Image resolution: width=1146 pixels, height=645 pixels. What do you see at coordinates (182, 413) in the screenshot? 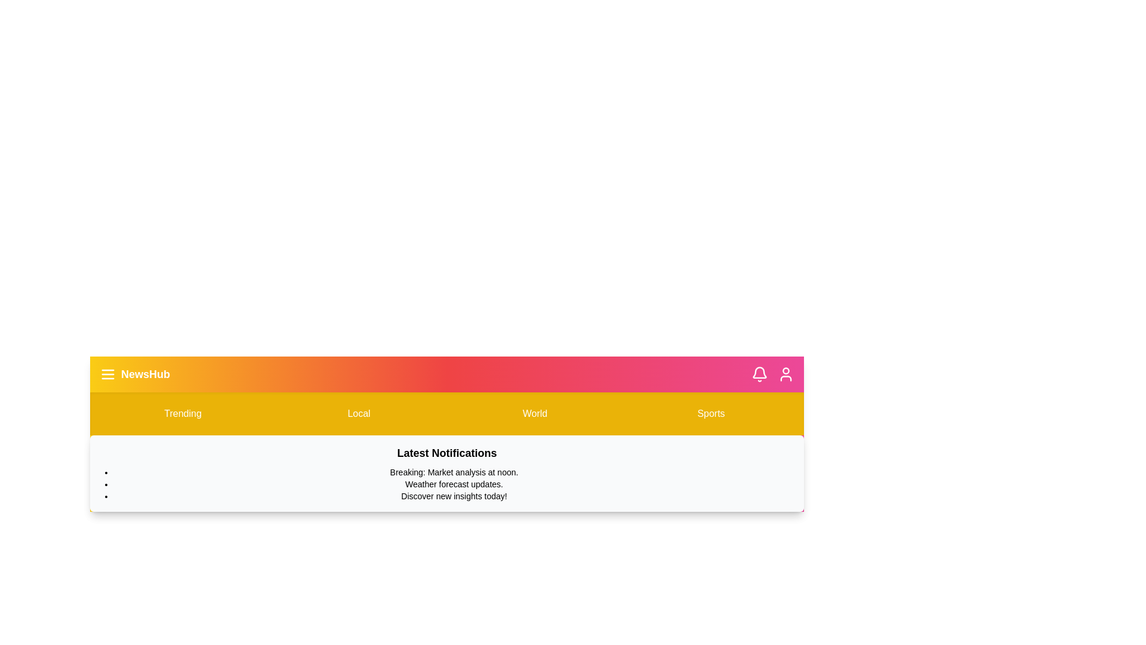
I see `the Trending button in the menu` at bounding box center [182, 413].